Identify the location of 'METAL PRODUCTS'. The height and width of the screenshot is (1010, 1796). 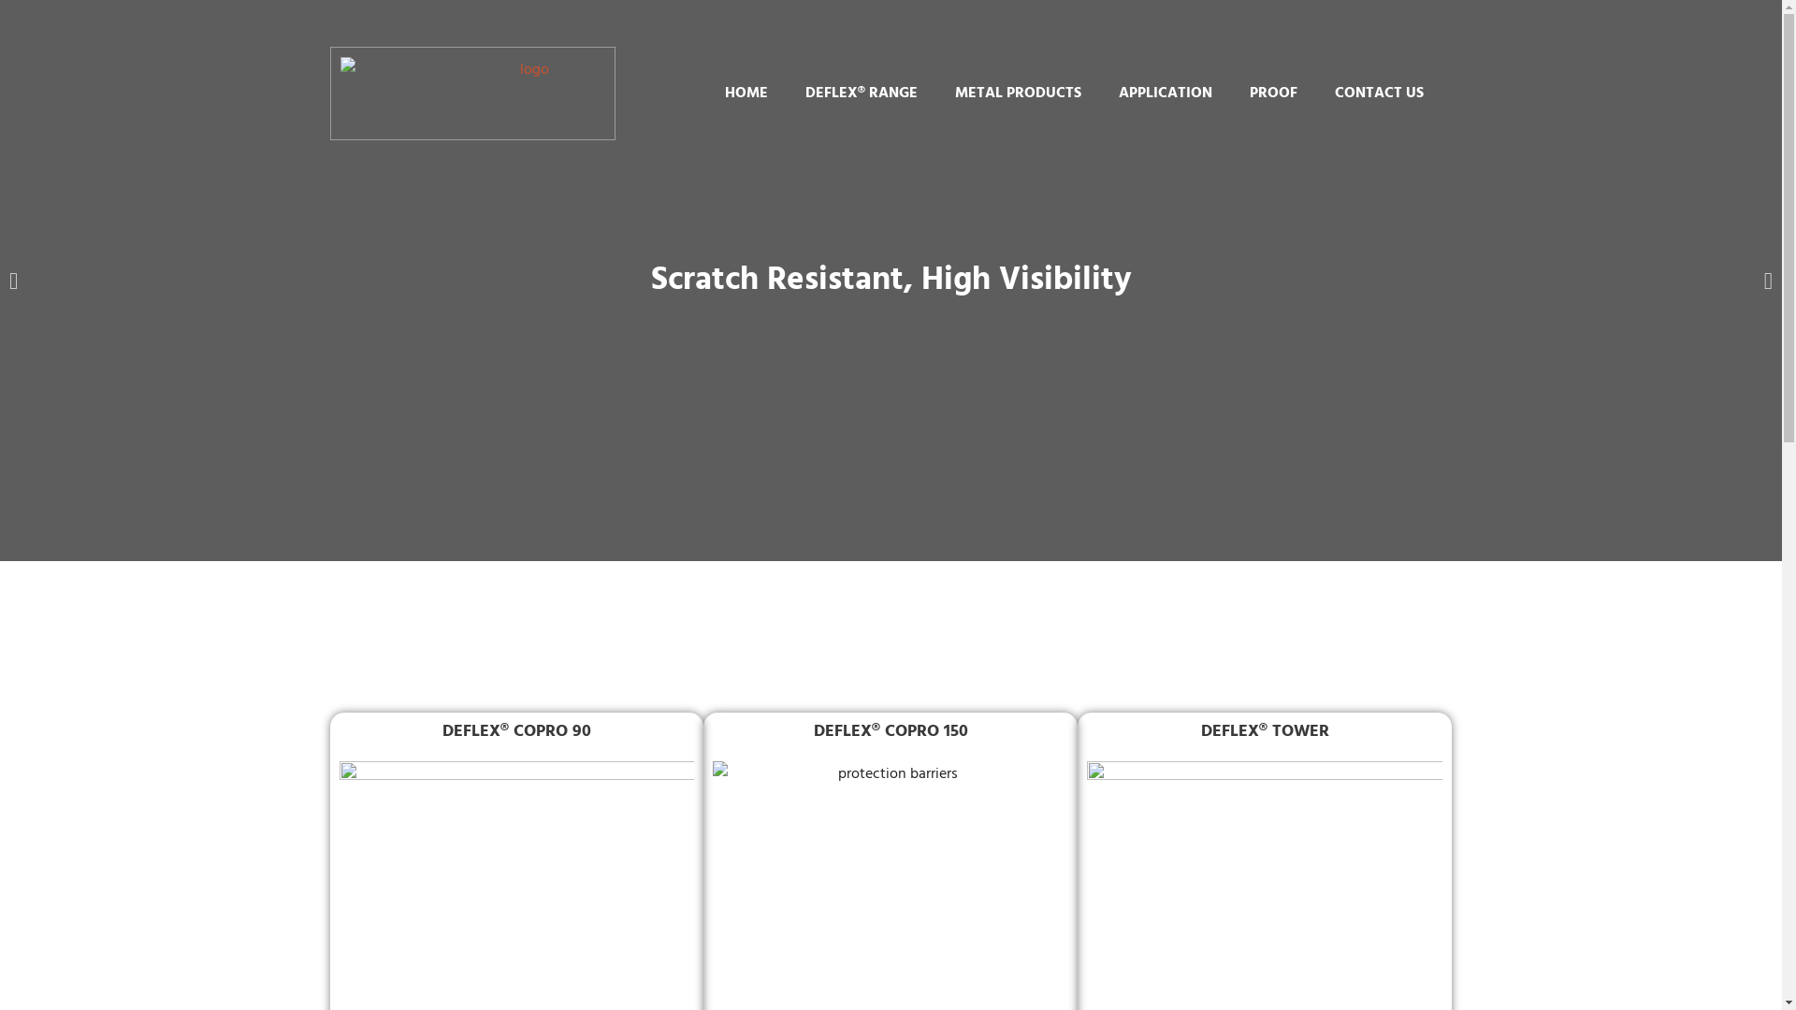
(1017, 94).